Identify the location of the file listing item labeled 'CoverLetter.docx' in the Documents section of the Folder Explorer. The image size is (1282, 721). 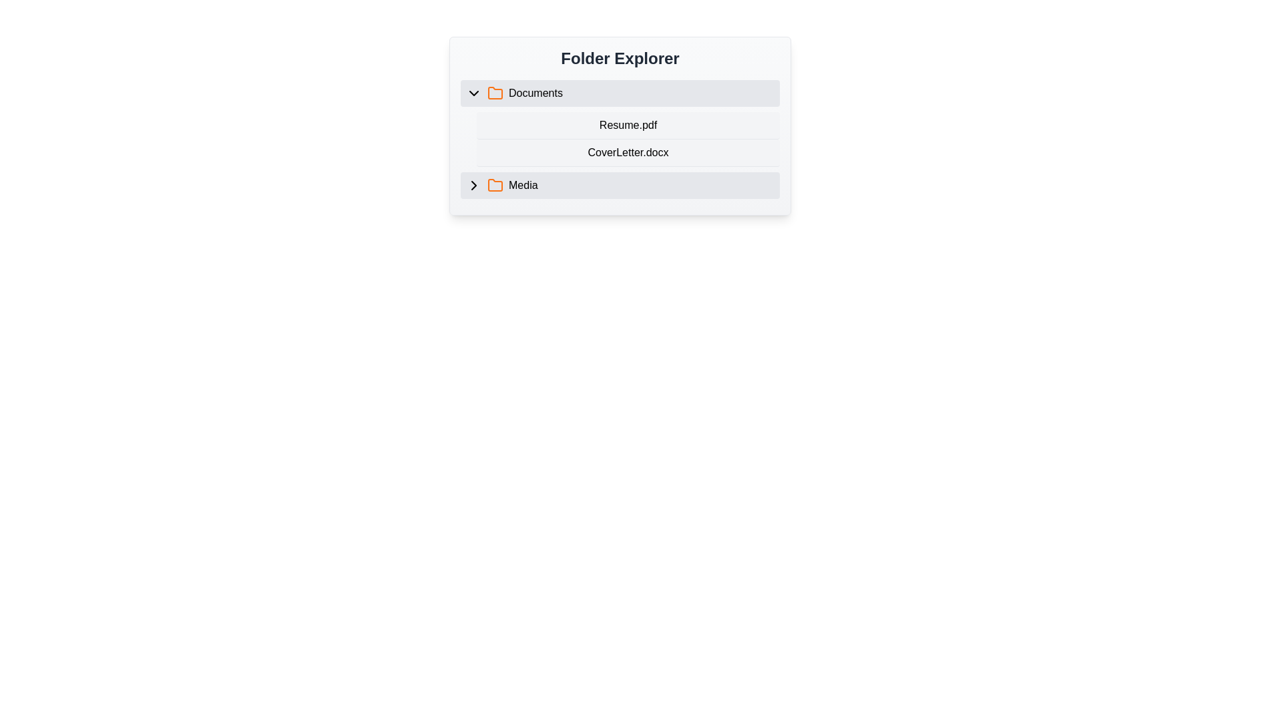
(627, 152).